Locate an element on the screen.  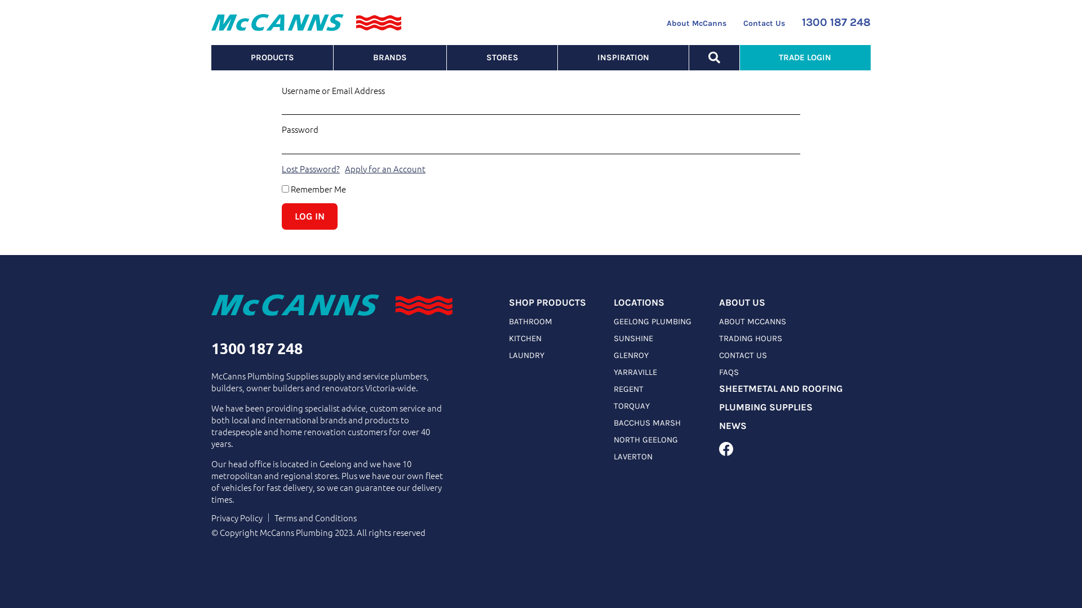
'1300 187 248' is located at coordinates (801, 22).